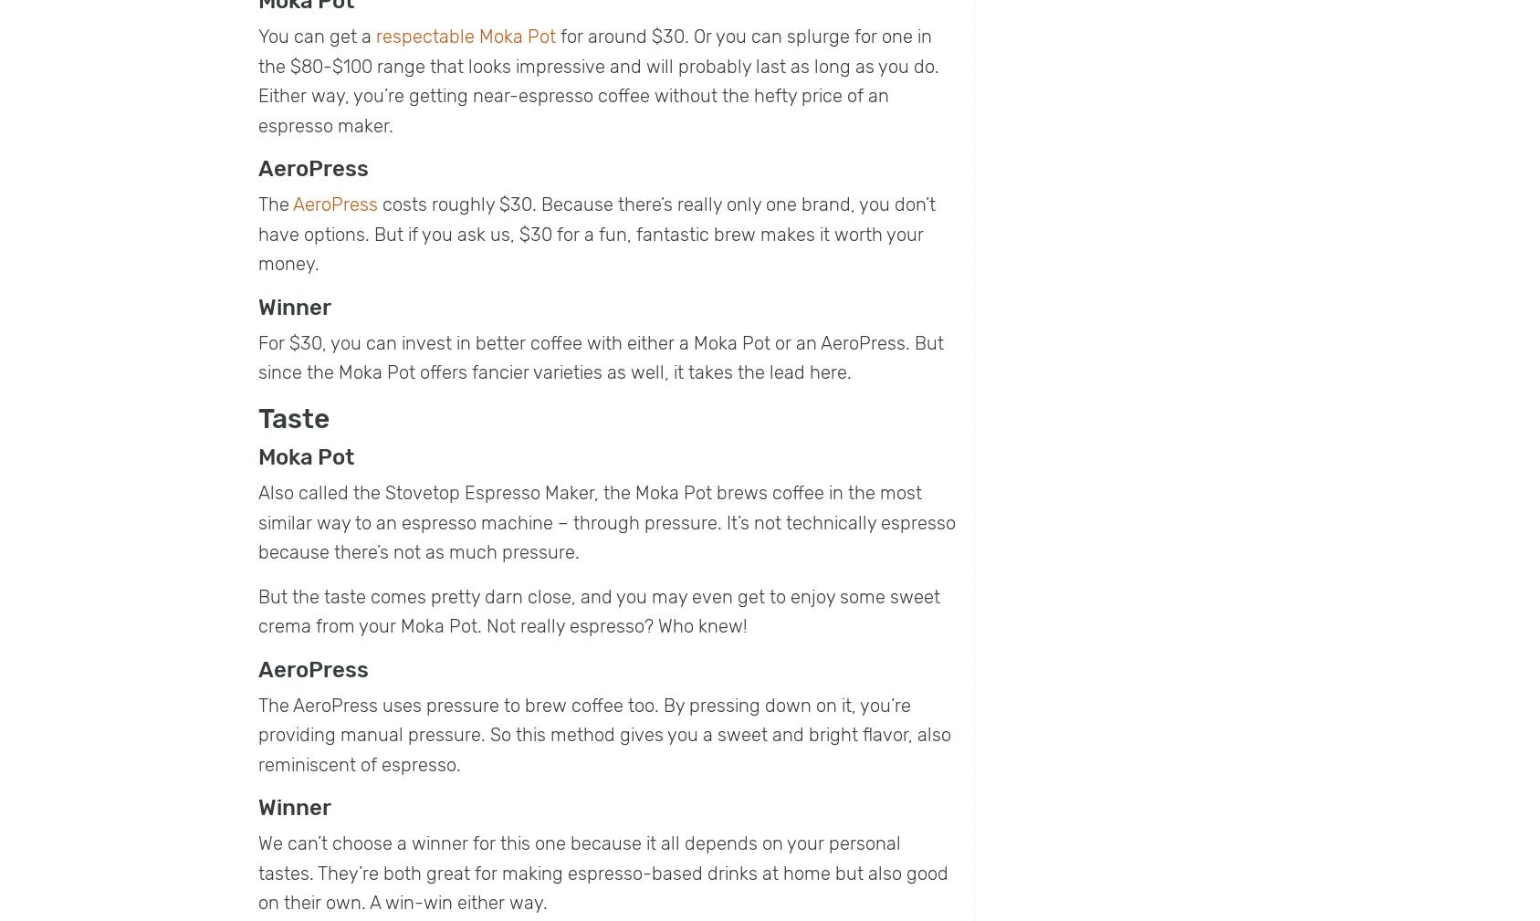  What do you see at coordinates (274, 203) in the screenshot?
I see `'The'` at bounding box center [274, 203].